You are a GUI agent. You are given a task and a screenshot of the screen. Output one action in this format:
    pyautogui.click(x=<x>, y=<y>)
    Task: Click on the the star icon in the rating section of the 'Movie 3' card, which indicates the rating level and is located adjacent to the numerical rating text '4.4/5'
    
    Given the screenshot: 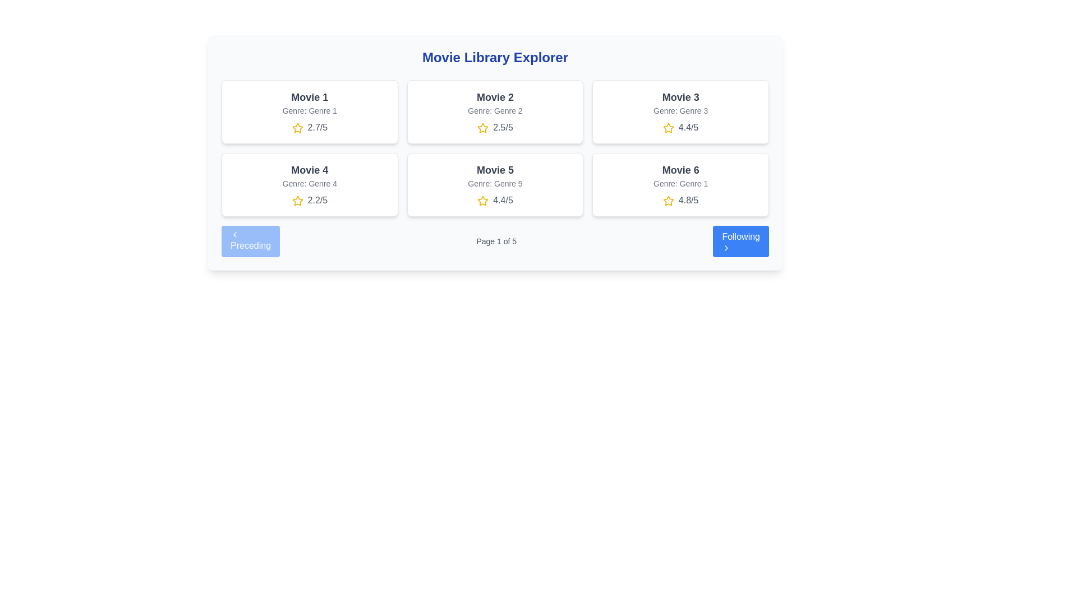 What is the action you would take?
    pyautogui.click(x=668, y=127)
    